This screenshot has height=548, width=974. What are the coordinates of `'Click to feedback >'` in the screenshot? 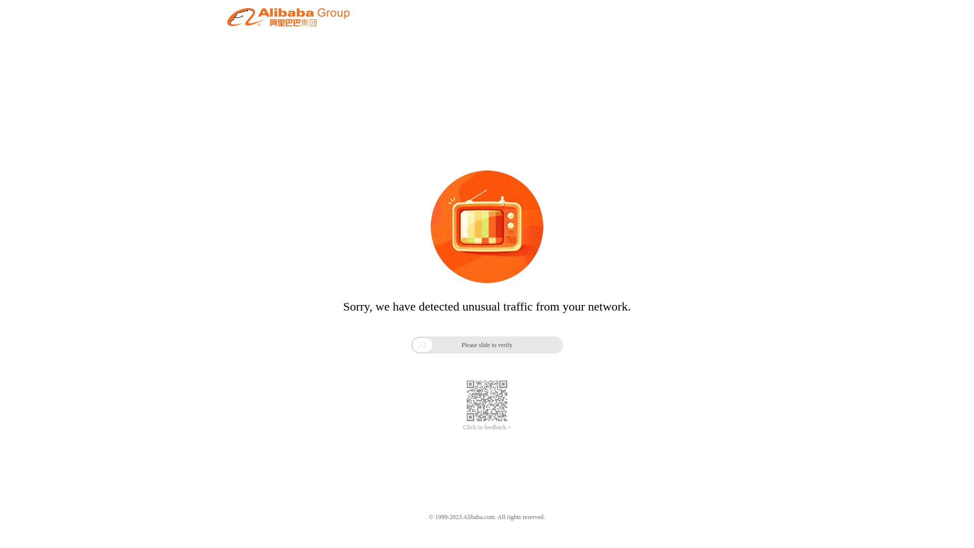 It's located at (487, 427).